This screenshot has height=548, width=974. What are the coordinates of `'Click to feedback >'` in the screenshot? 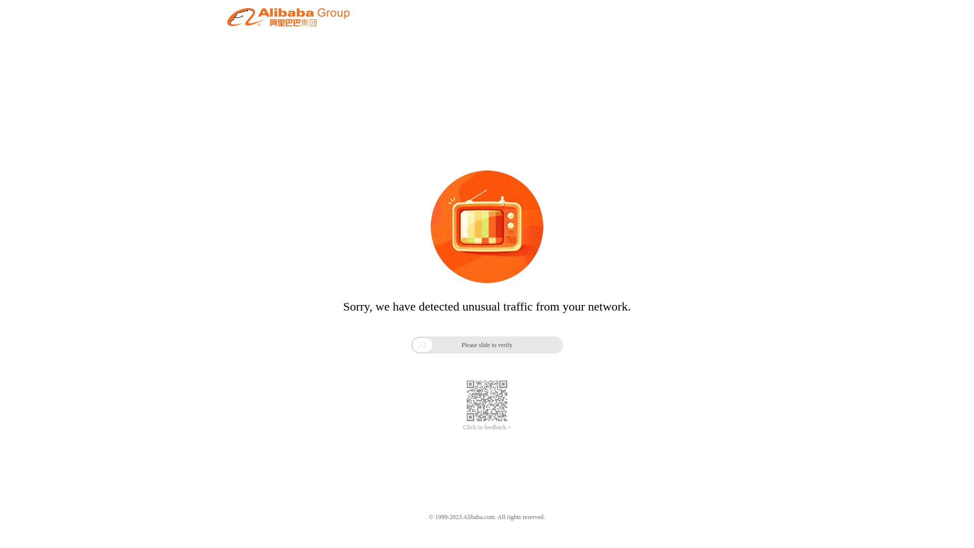 It's located at (487, 427).